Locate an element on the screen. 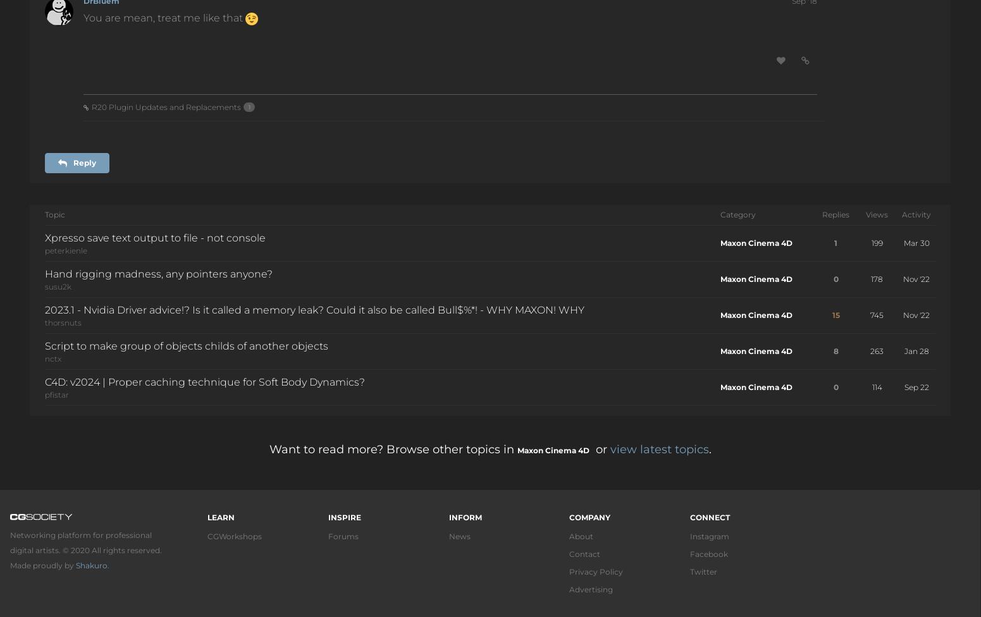 Image resolution: width=981 pixels, height=617 pixels. 'nctx' is located at coordinates (44, 358).